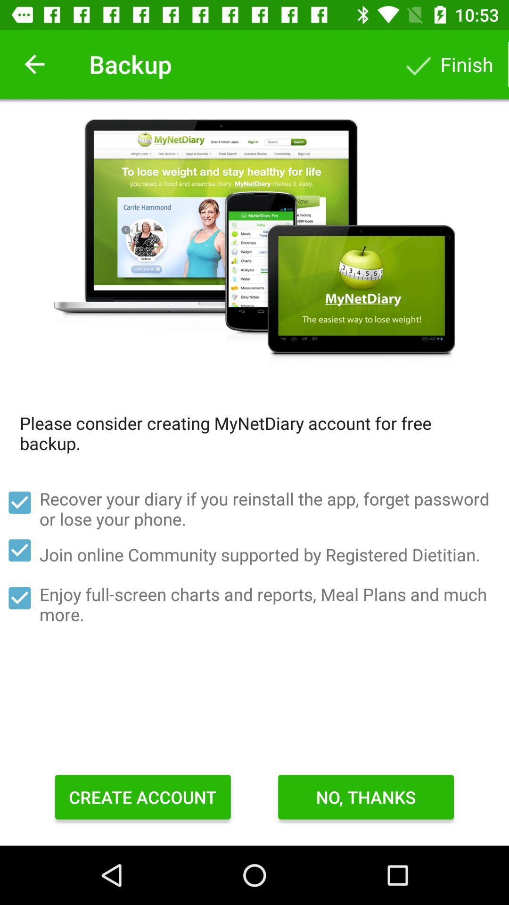 The width and height of the screenshot is (509, 905). What do you see at coordinates (143, 797) in the screenshot?
I see `the create account` at bounding box center [143, 797].